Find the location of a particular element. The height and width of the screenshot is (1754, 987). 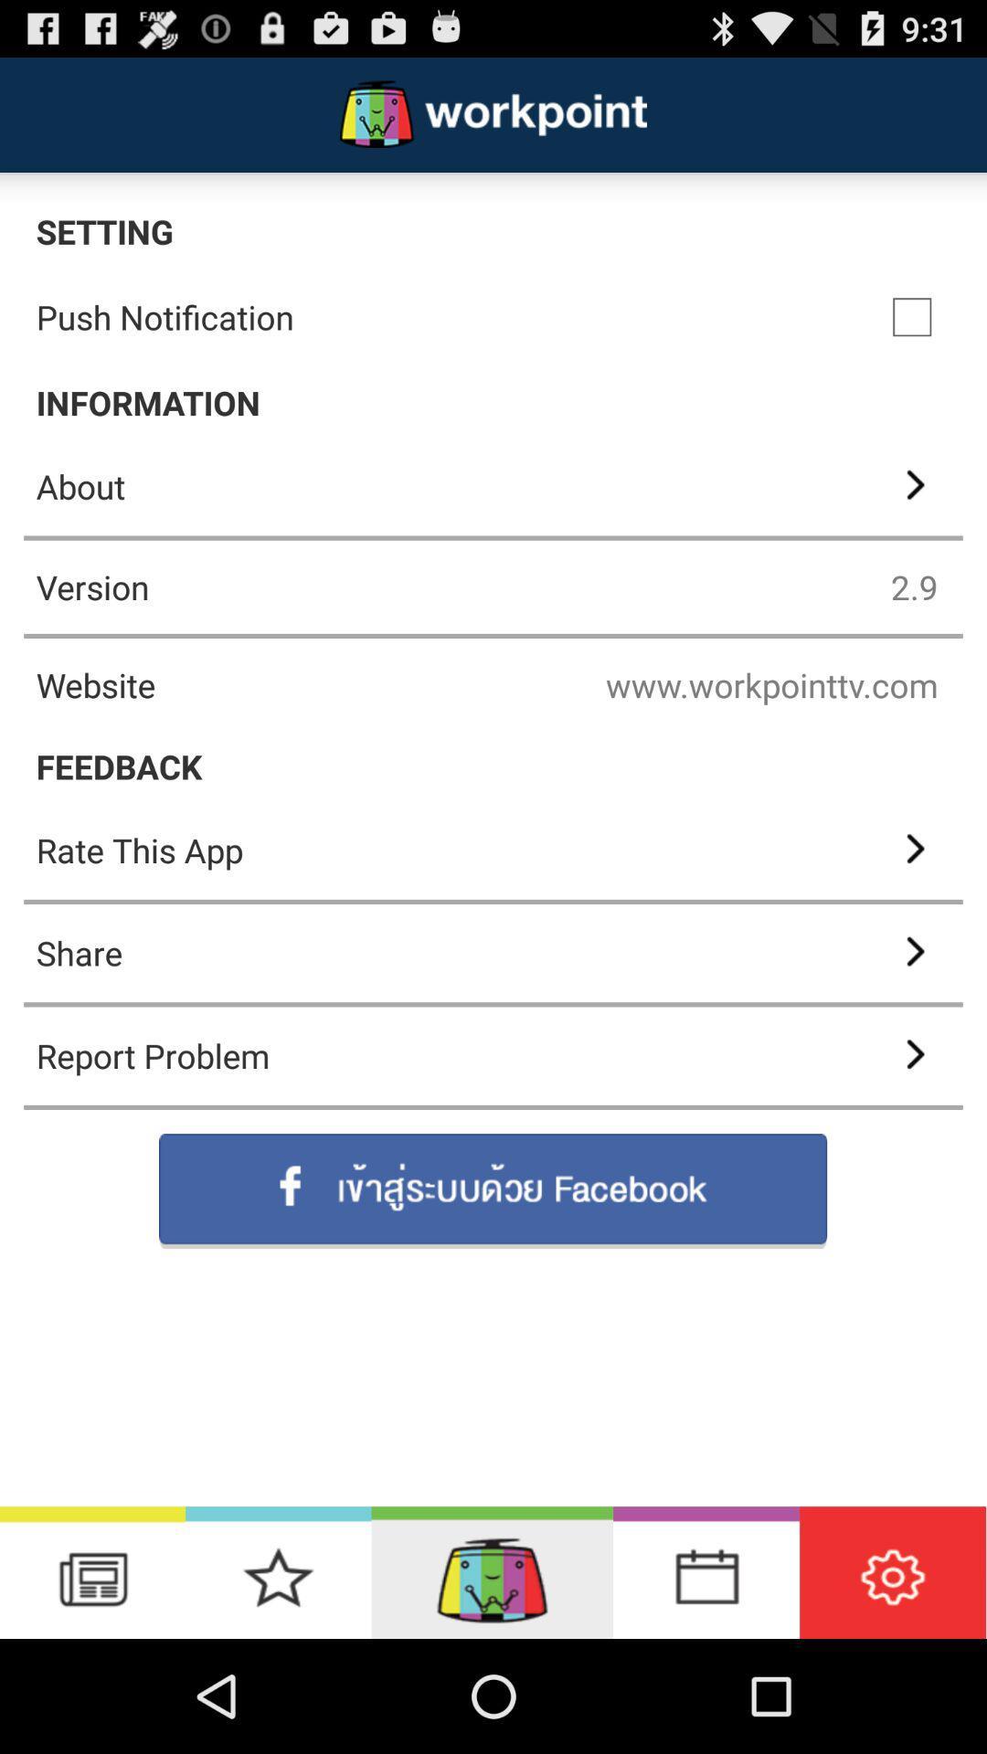

favorites is located at coordinates (278, 1571).